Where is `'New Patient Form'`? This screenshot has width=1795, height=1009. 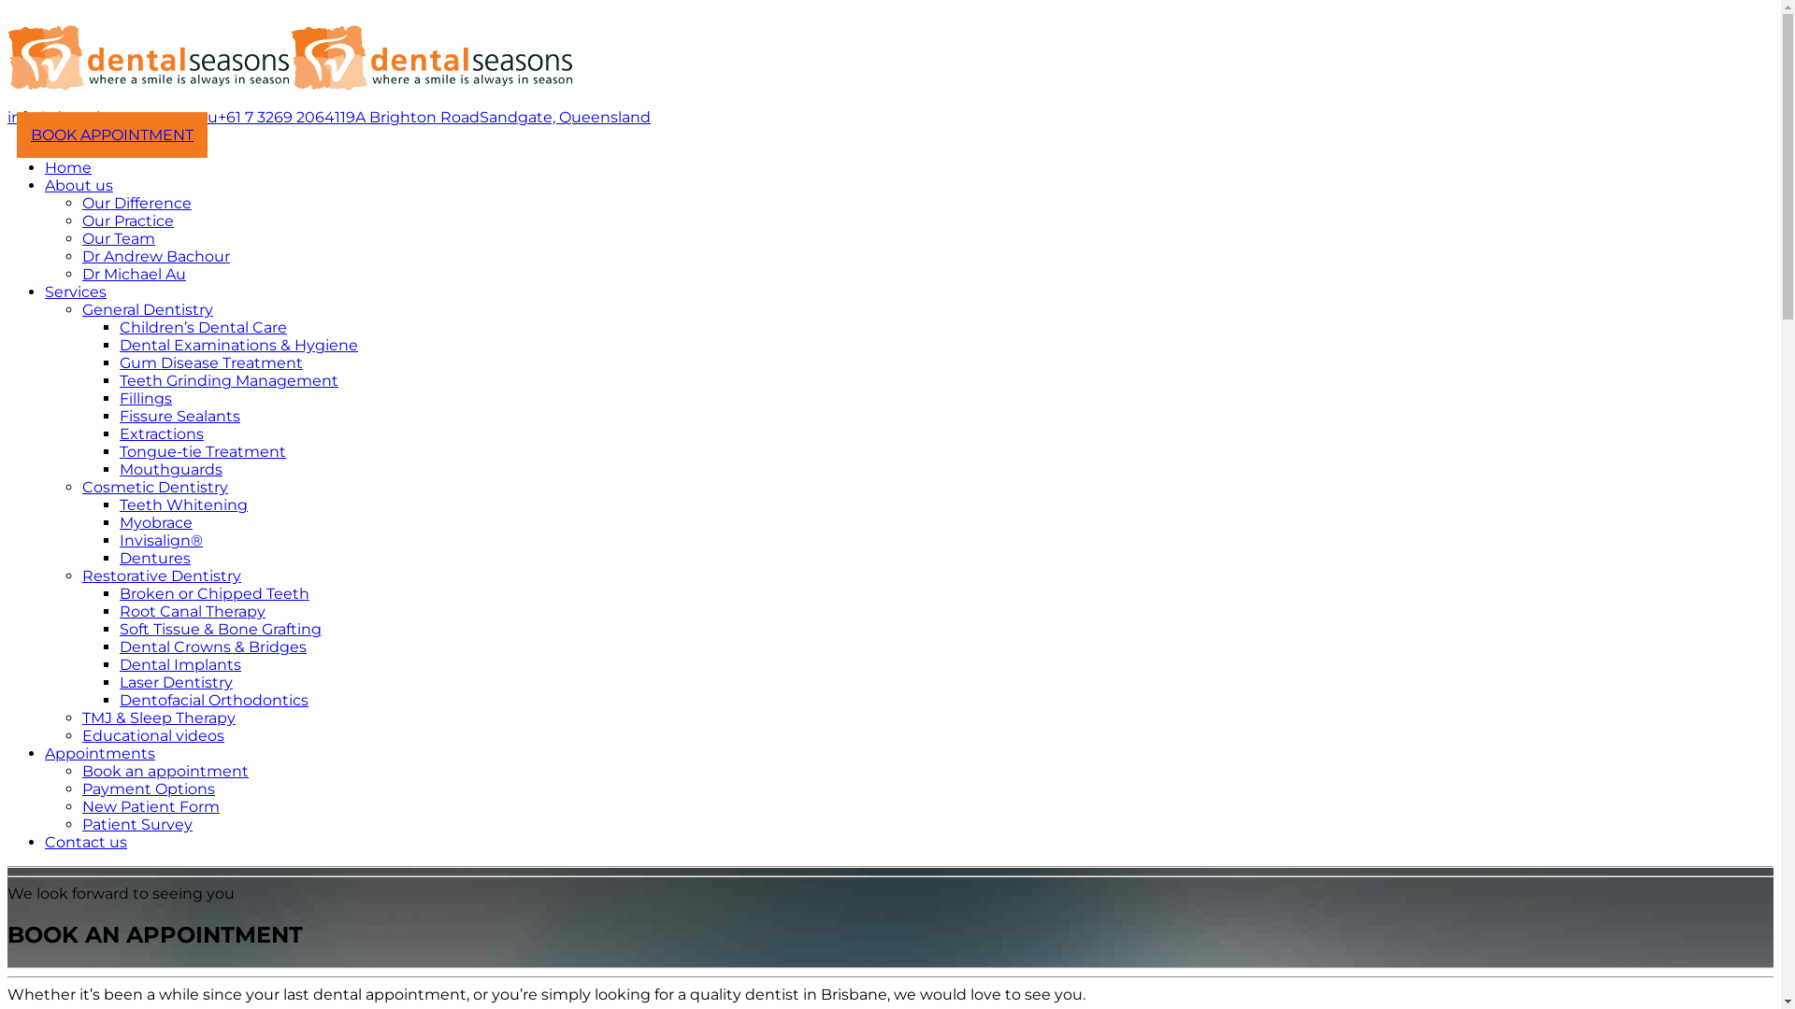 'New Patient Form' is located at coordinates (151, 805).